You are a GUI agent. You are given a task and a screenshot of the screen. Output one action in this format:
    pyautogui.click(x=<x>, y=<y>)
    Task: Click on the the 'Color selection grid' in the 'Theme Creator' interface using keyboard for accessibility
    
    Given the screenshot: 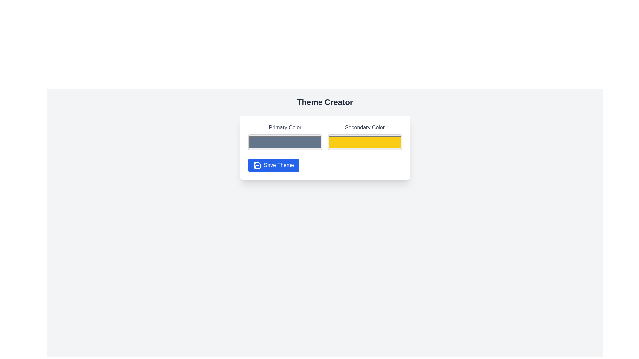 What is the action you would take?
    pyautogui.click(x=325, y=137)
    